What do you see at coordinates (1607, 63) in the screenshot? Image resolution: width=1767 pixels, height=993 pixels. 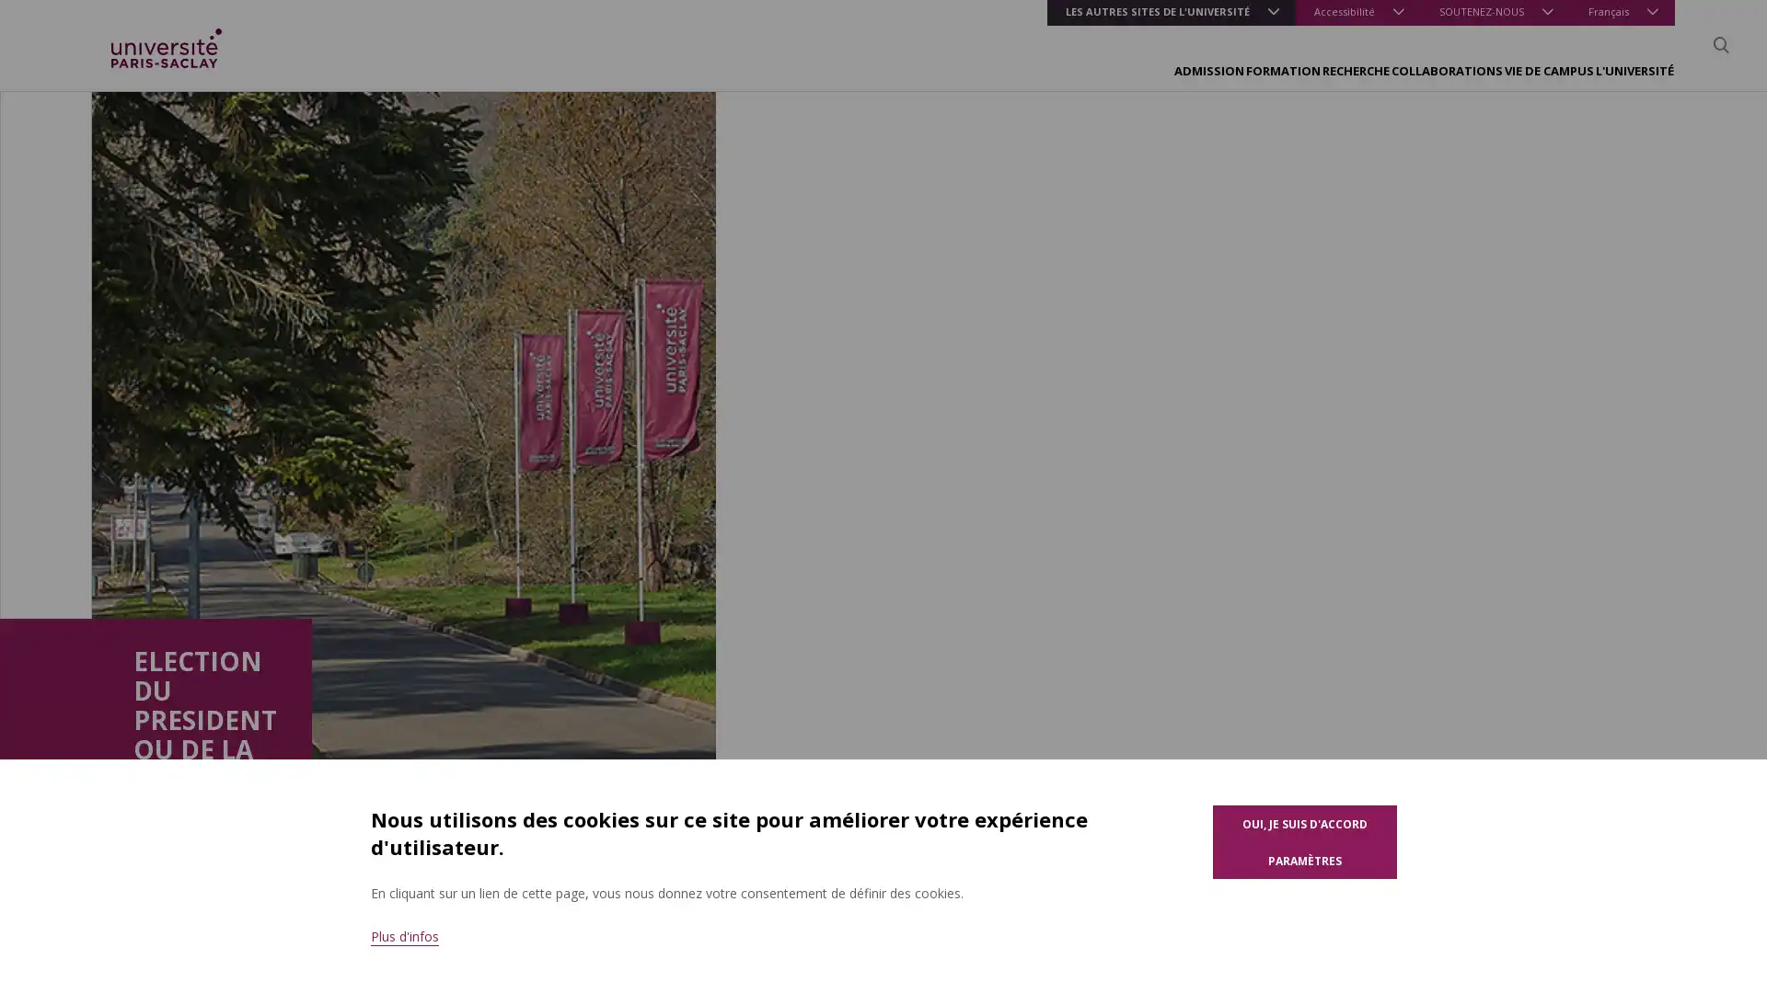 I see `L'UNIVERSITE` at bounding box center [1607, 63].